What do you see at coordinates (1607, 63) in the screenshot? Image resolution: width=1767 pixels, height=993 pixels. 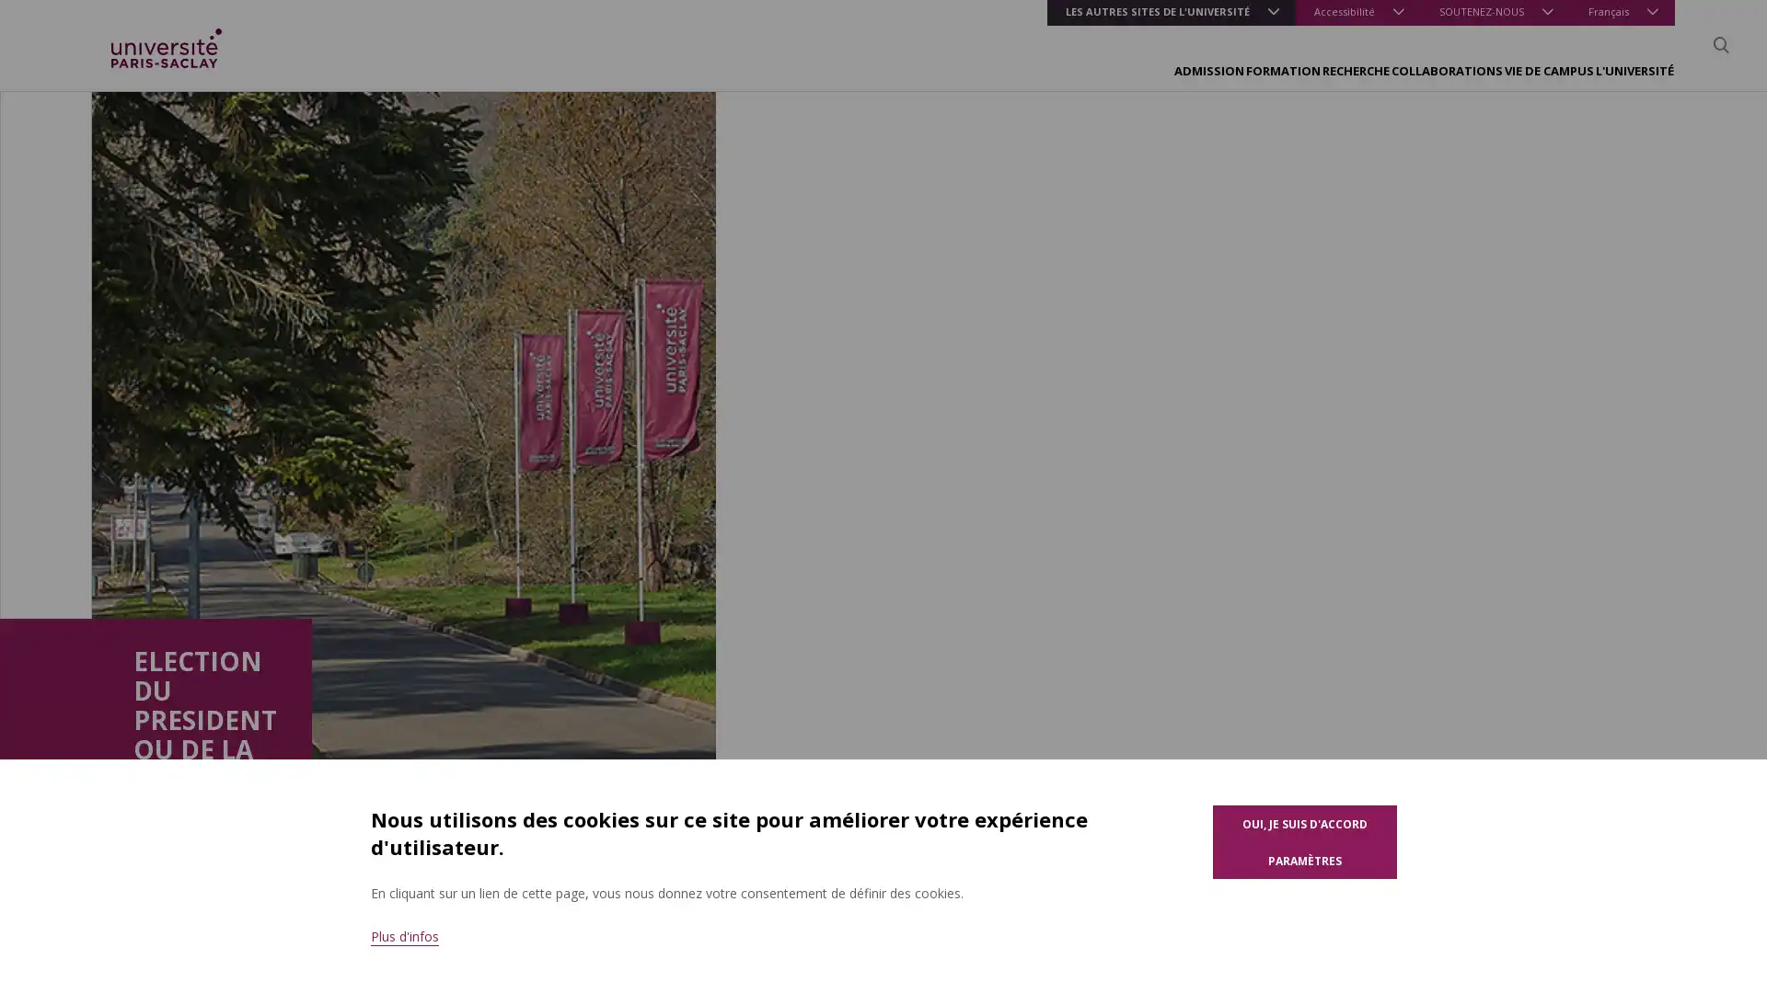 I see `L'UNIVERSITE` at bounding box center [1607, 63].